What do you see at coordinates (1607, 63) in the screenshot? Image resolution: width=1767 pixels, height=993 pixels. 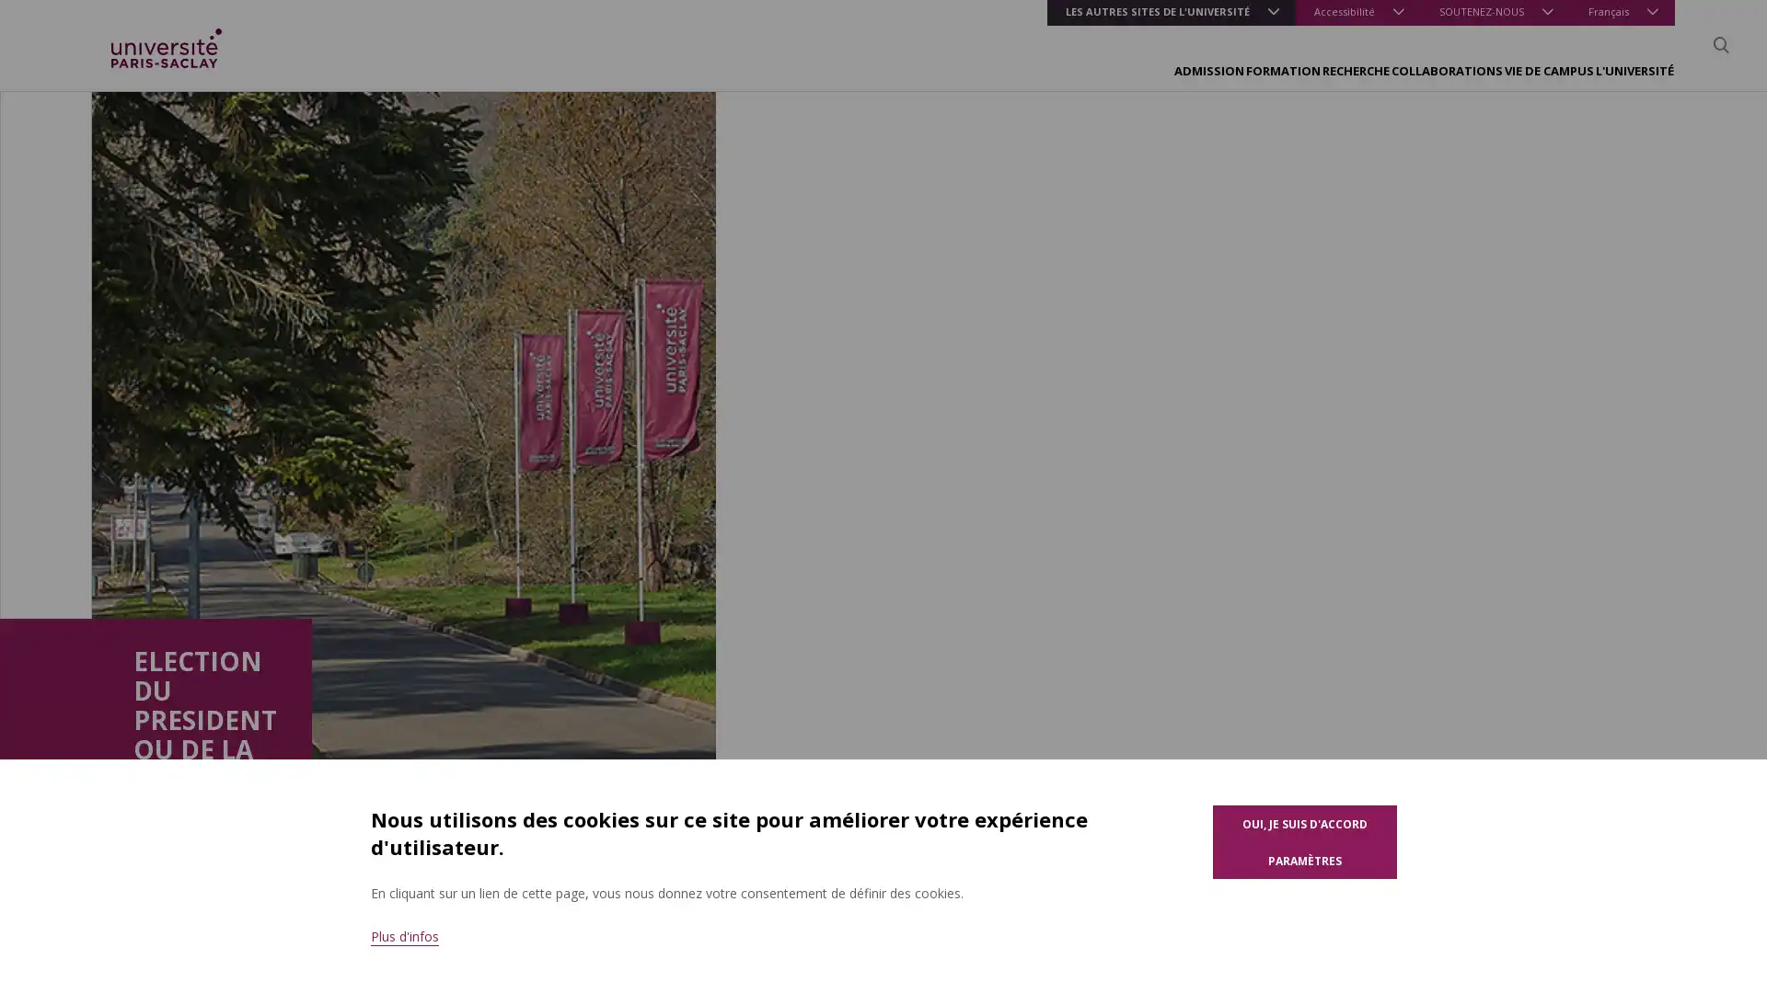 I see `L'UNIVERSITE` at bounding box center [1607, 63].